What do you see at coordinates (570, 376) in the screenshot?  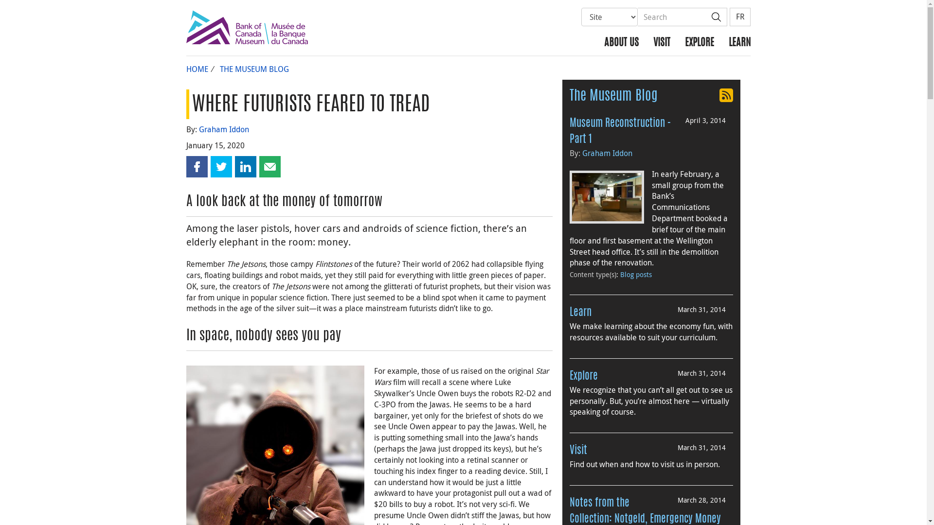 I see `'Explore'` at bounding box center [570, 376].